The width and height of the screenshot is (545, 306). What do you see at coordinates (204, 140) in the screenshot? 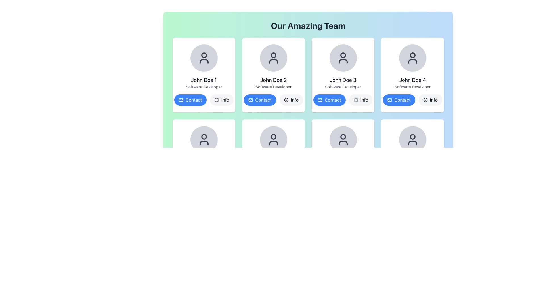
I see `the user avatar icon represented by an outline of a person's head and torso, located in the second row and first column of avatar items, with the label 'John Doe 1' above it` at bounding box center [204, 140].